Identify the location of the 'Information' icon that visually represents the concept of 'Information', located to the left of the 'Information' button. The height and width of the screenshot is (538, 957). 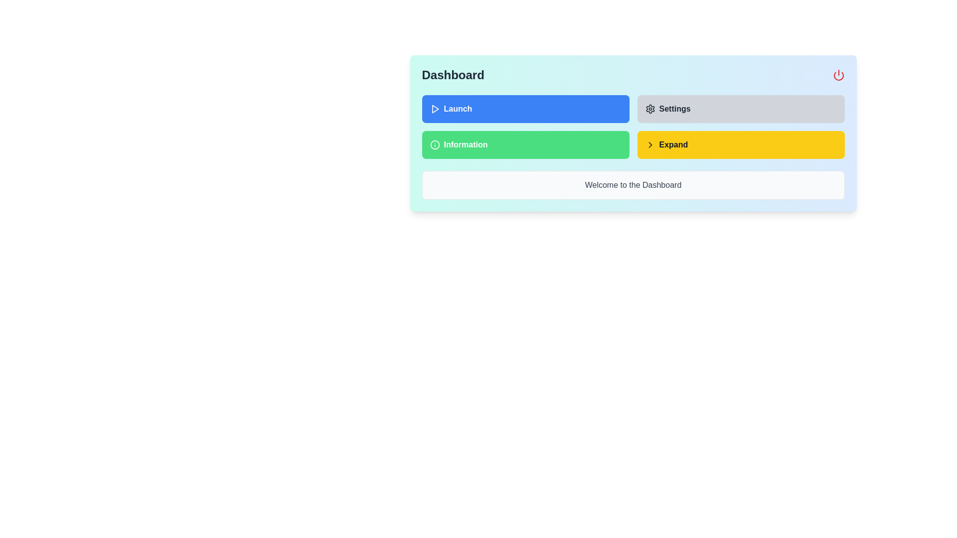
(435, 144).